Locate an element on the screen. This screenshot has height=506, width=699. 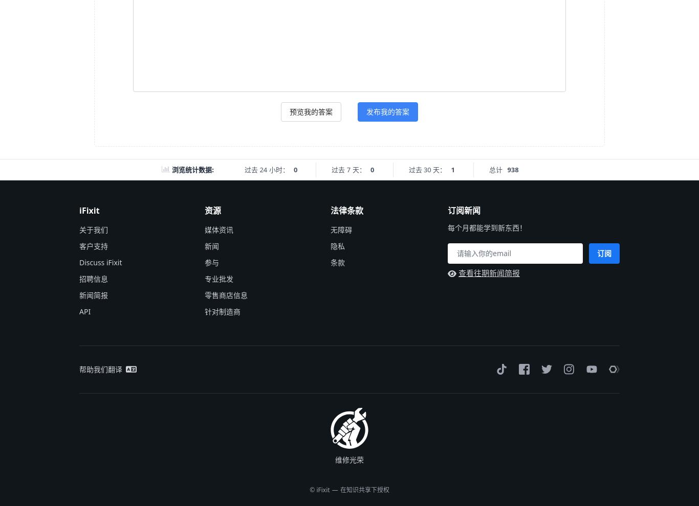
'Discuss iFixit' is located at coordinates (100, 261).